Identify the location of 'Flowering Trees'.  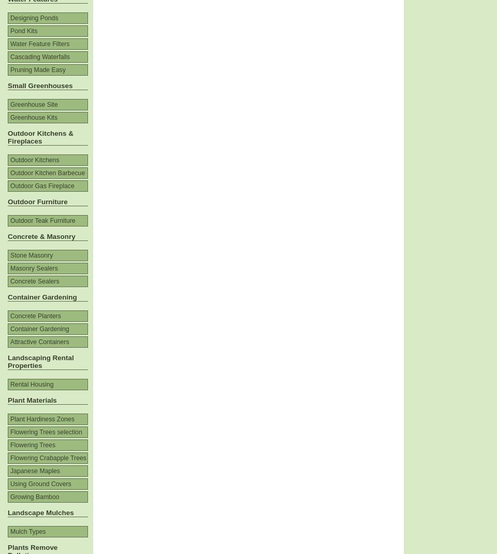
(9, 445).